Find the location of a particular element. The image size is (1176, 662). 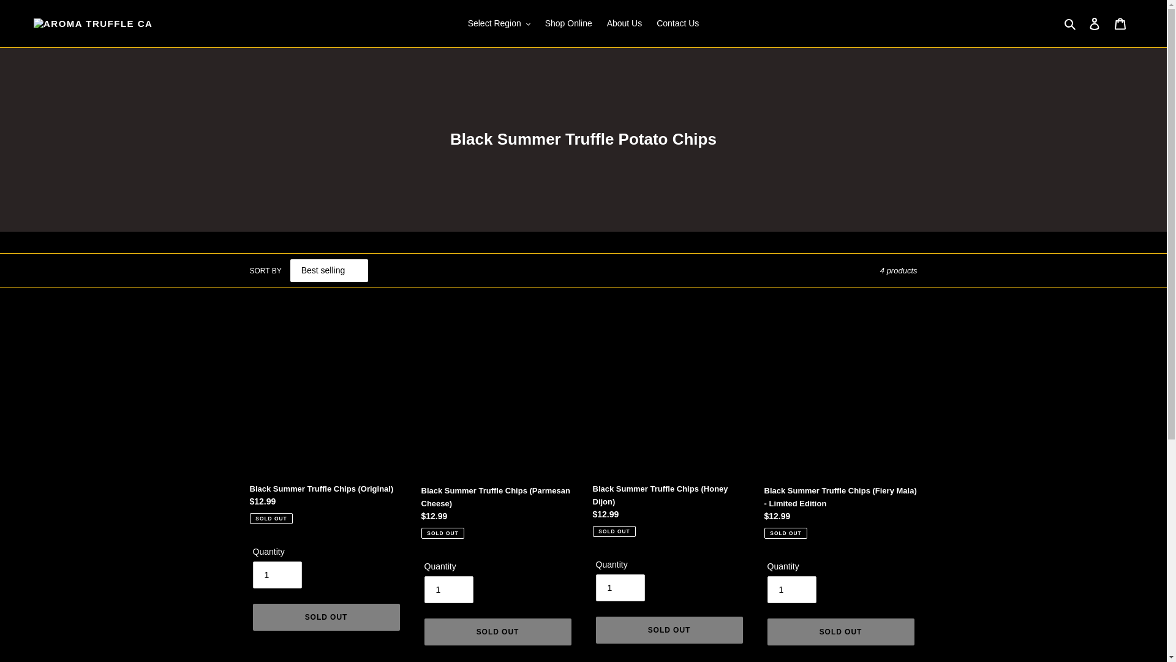

'Select Region' is located at coordinates (499, 23).